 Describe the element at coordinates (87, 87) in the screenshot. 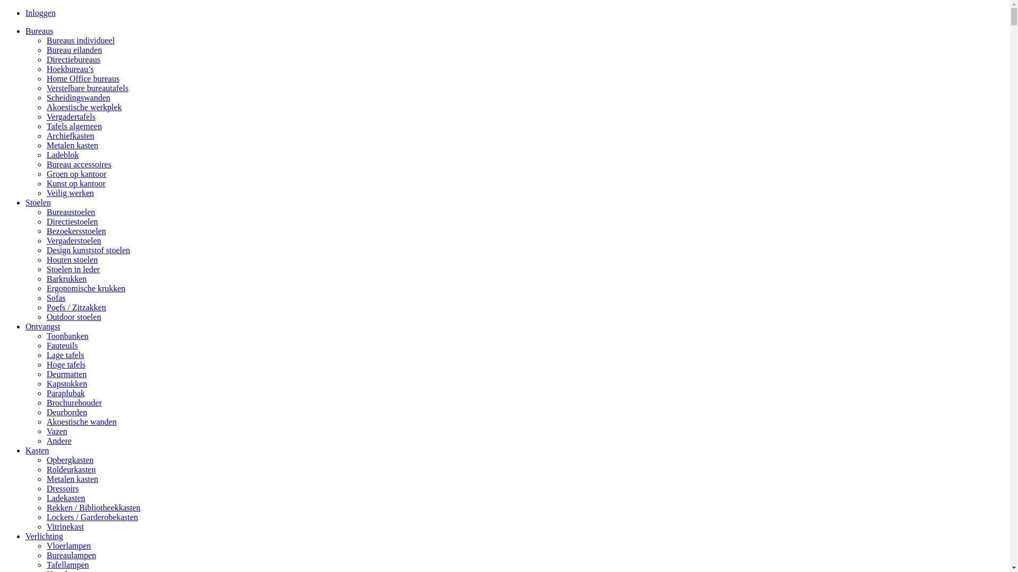

I see `'Verstelbare bureautafels'` at that location.